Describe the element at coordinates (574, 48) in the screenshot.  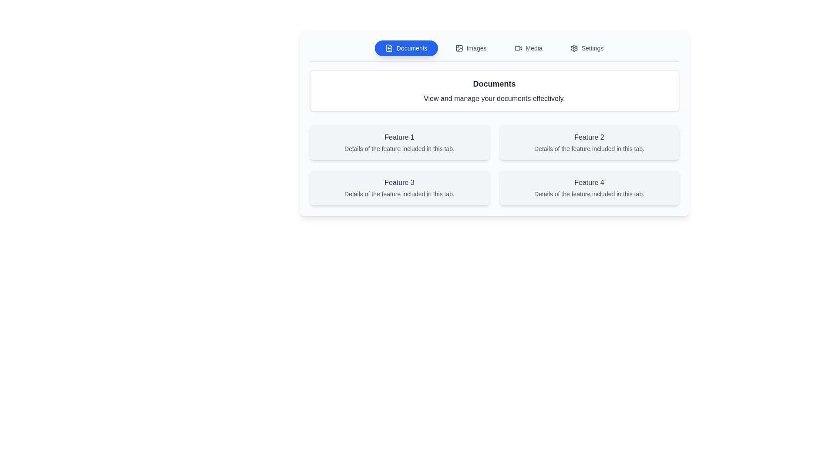
I see `the settings icon located on the leftmost side of the 'Settings' button in the top-right corner of the interface` at that location.